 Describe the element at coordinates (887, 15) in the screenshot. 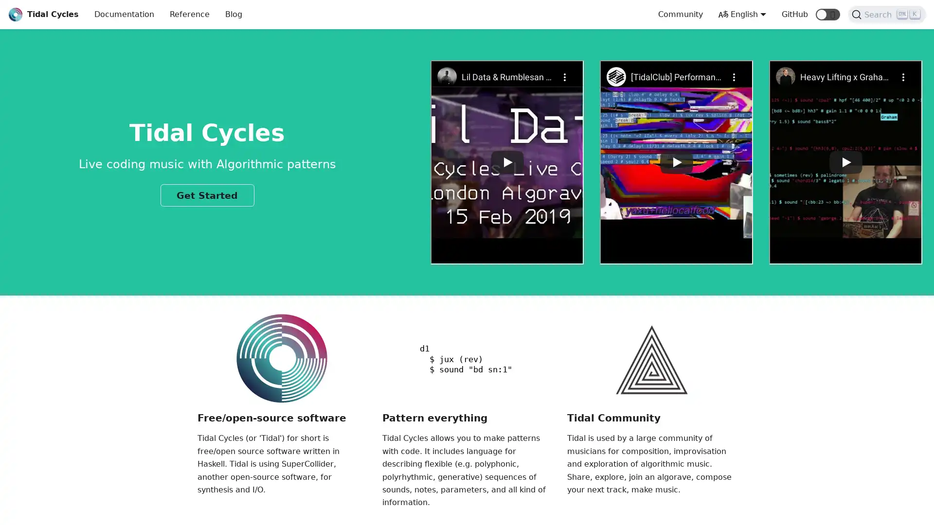

I see `Search` at that location.